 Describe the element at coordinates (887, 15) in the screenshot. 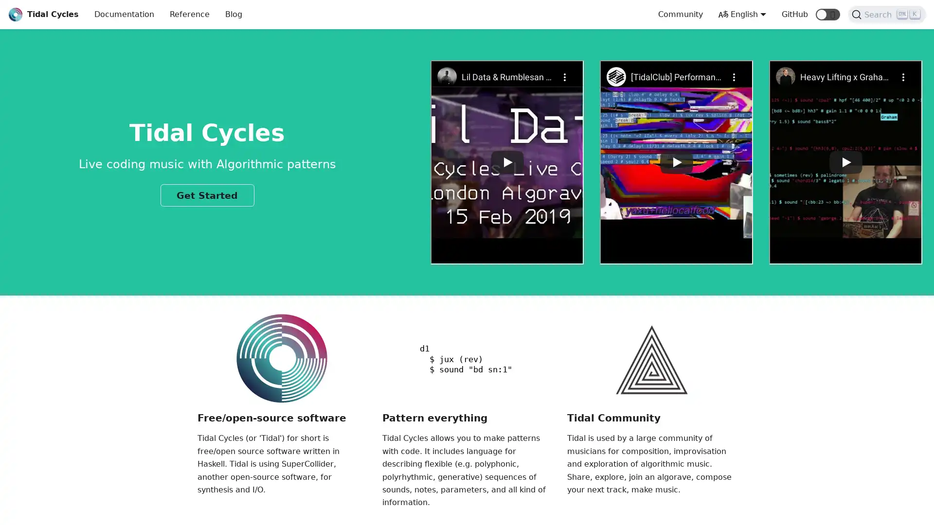

I see `Search` at that location.